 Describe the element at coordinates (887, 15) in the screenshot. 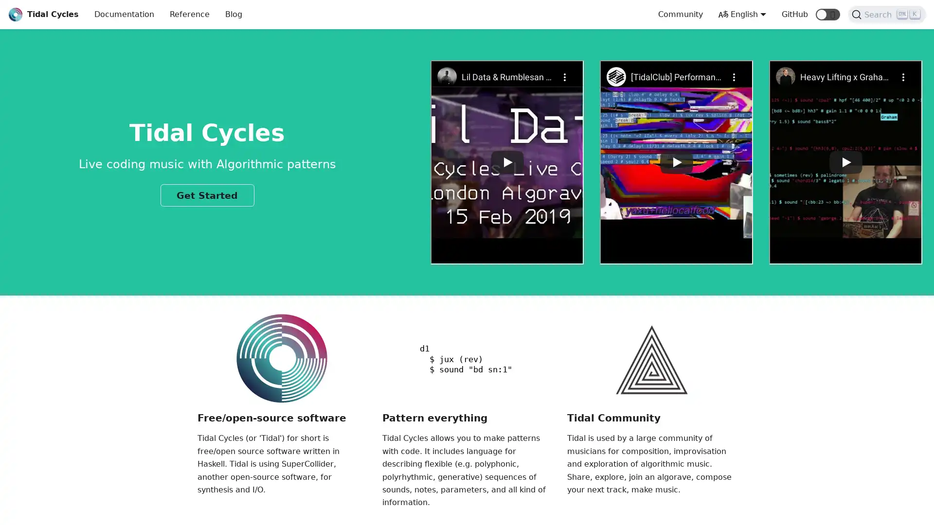

I see `Search` at that location.